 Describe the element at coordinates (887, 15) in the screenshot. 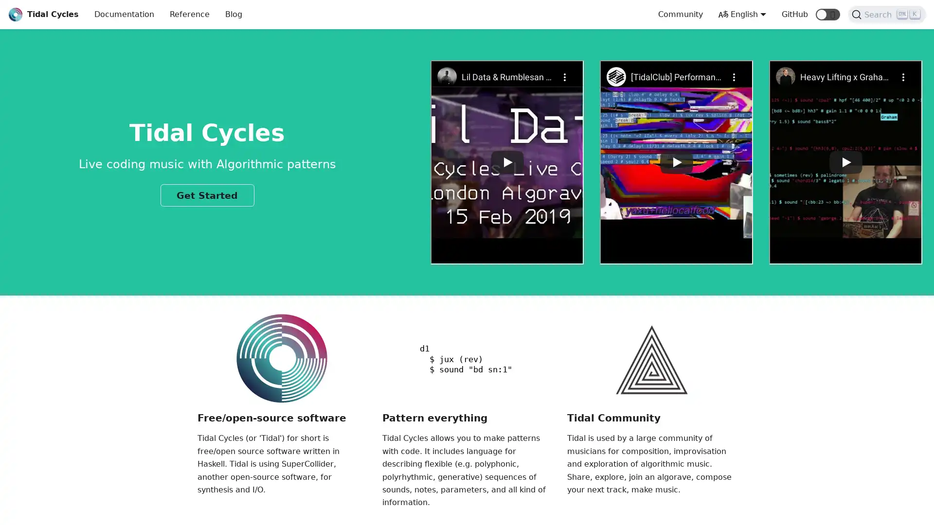

I see `Search` at that location.